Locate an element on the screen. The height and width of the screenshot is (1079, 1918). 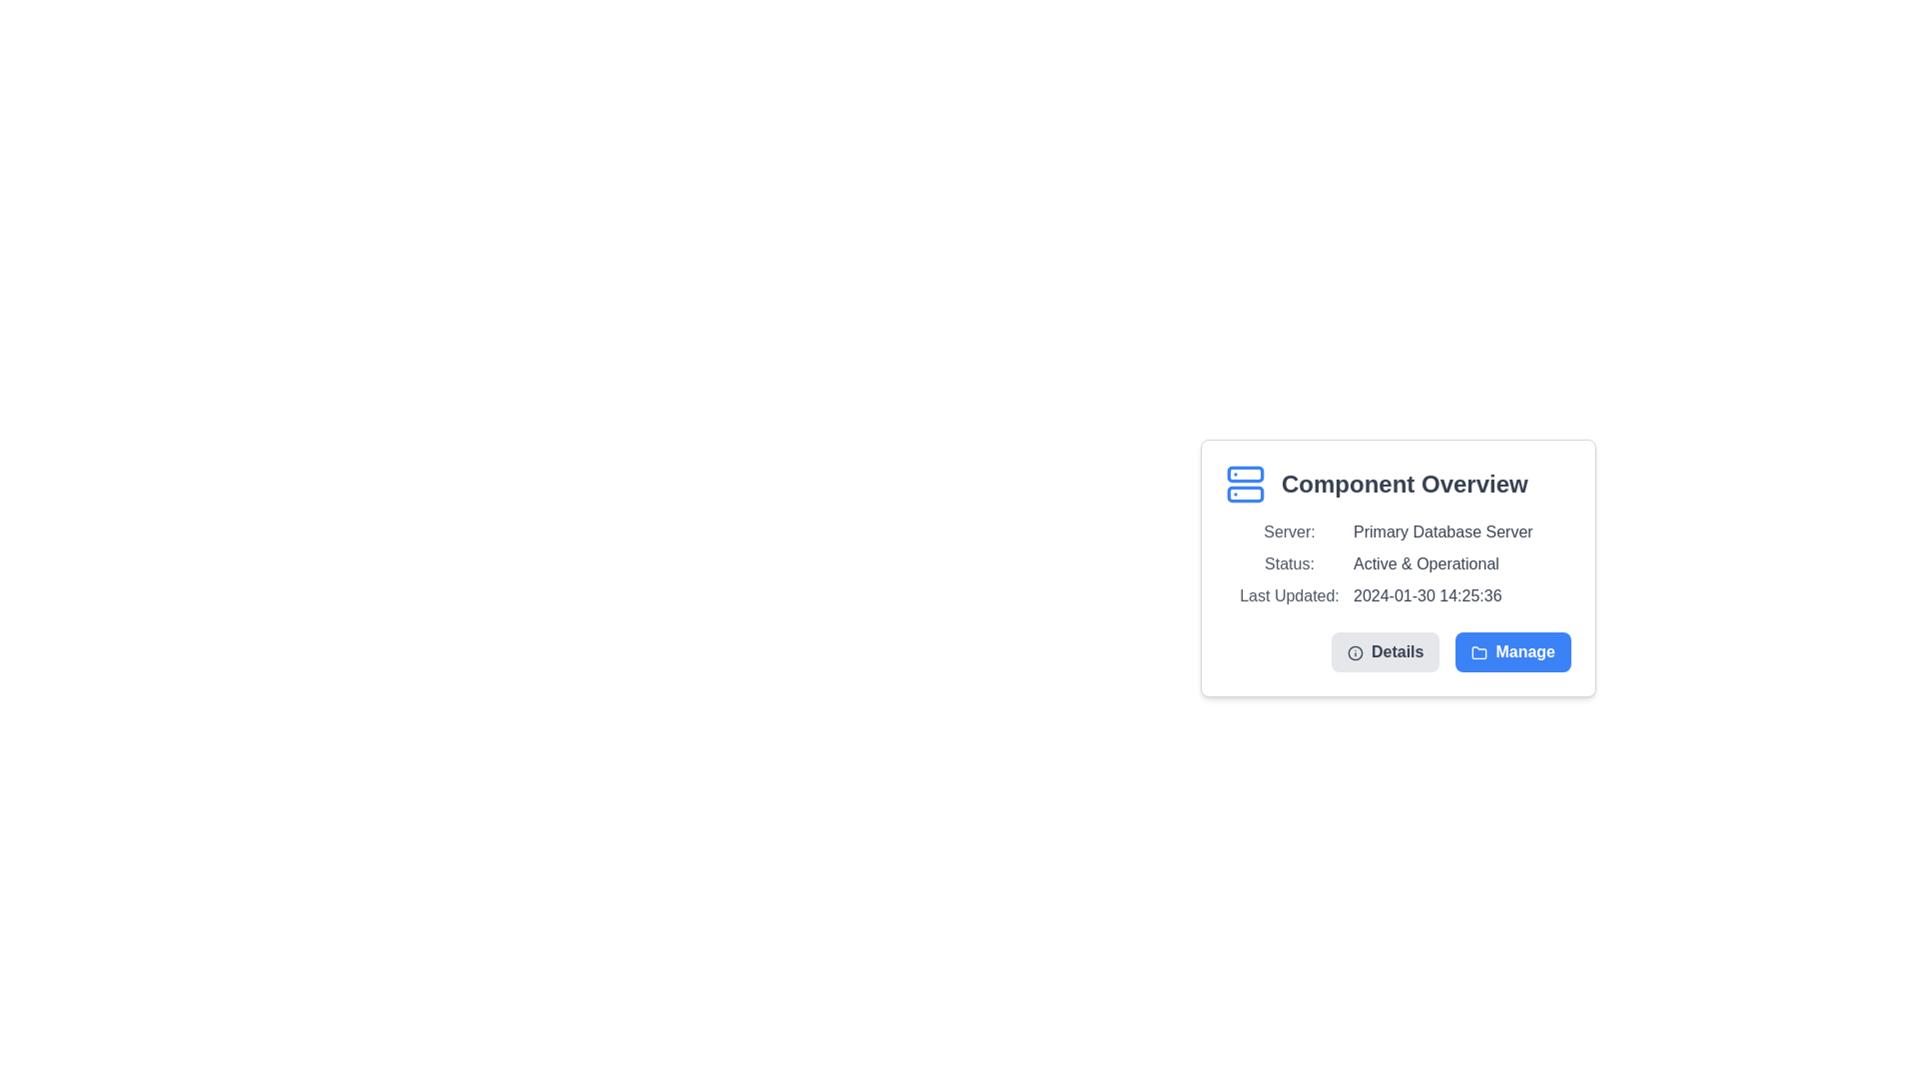
the text label 'Component Overview' which is styled with a bold and large font in gray color, located next to a blue server icon in a card-style interface is located at coordinates (1404, 485).